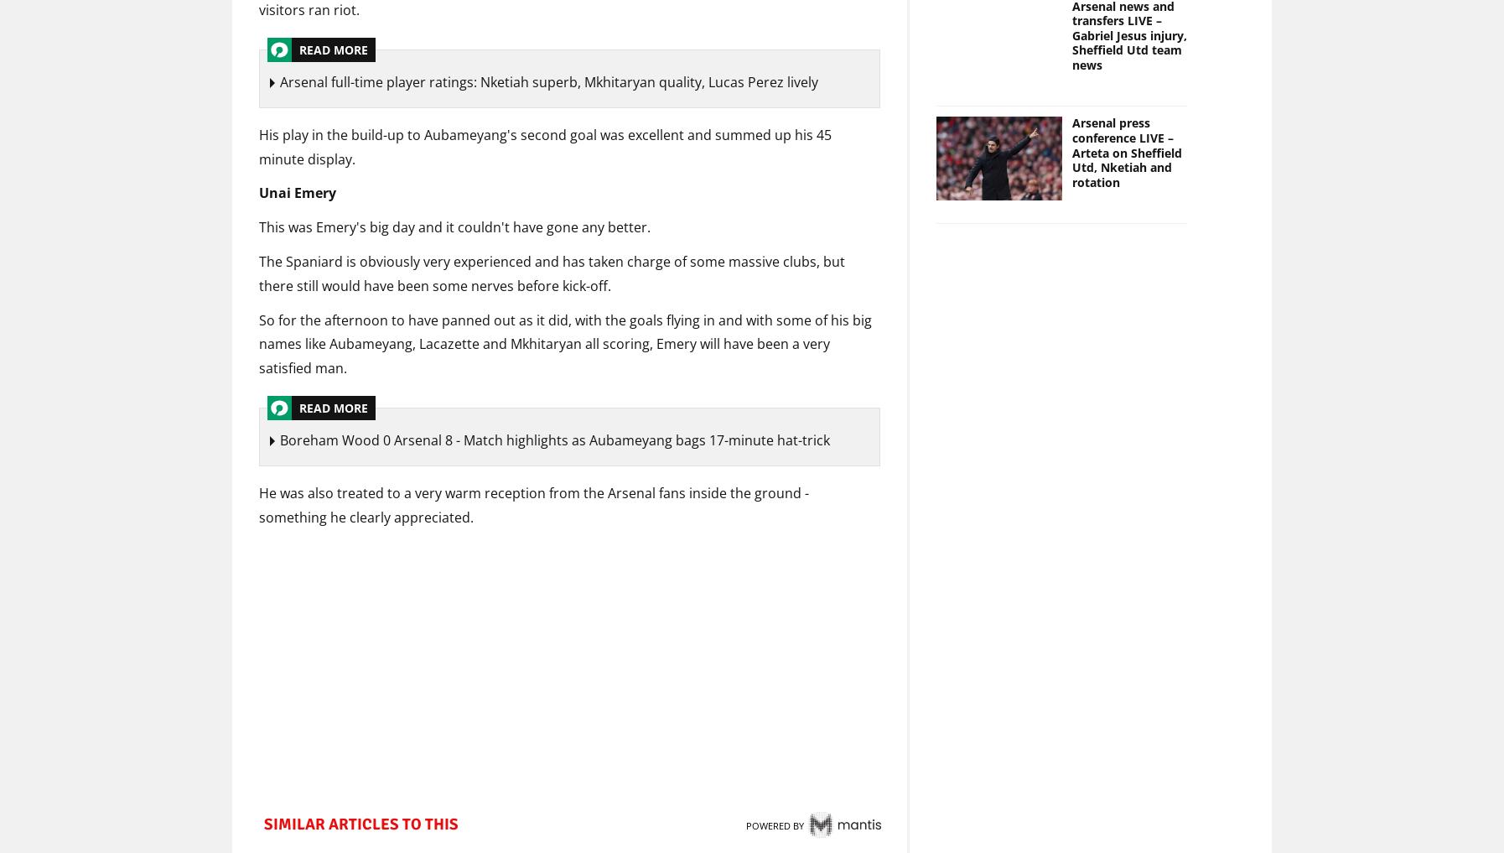 This screenshot has height=853, width=1504. I want to click on 'So for the afternoon to have panned out as it did, with the goals flying in and with some of his big names like Aubameyang, Lacazette and Mkhitaryan all scoring, Emery will have been a very satisfied man.', so click(565, 346).